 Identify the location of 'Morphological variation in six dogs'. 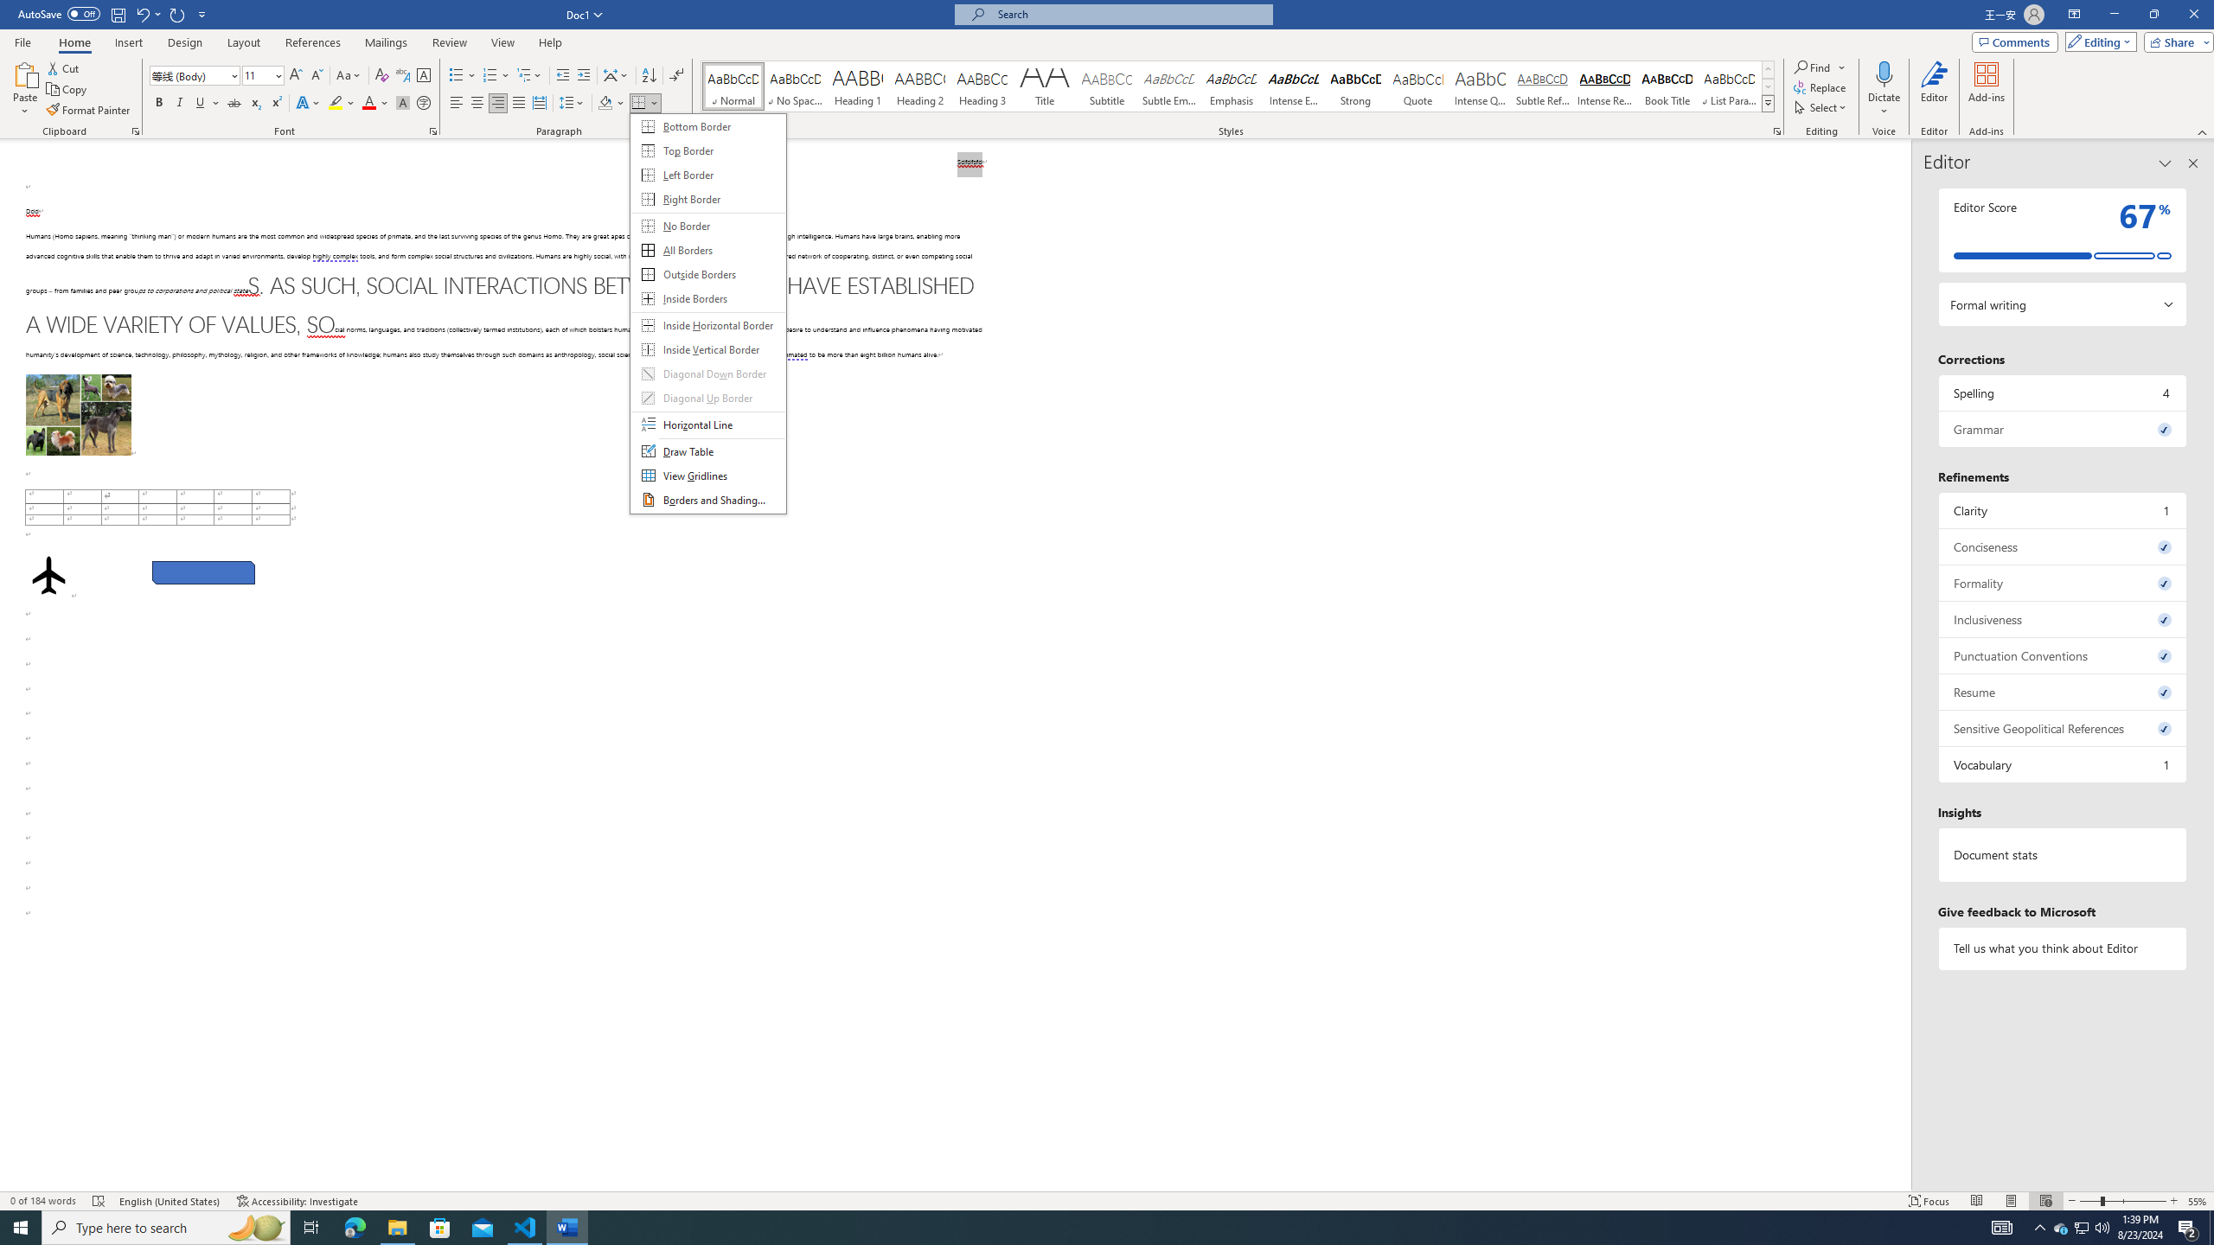
(77, 414).